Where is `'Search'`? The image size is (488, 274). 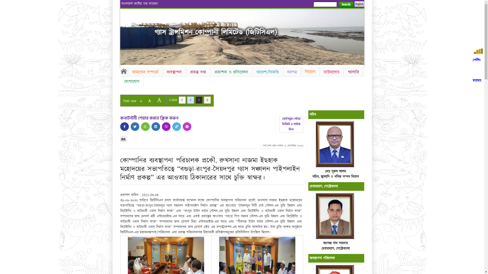
'Search' is located at coordinates (338, 4).